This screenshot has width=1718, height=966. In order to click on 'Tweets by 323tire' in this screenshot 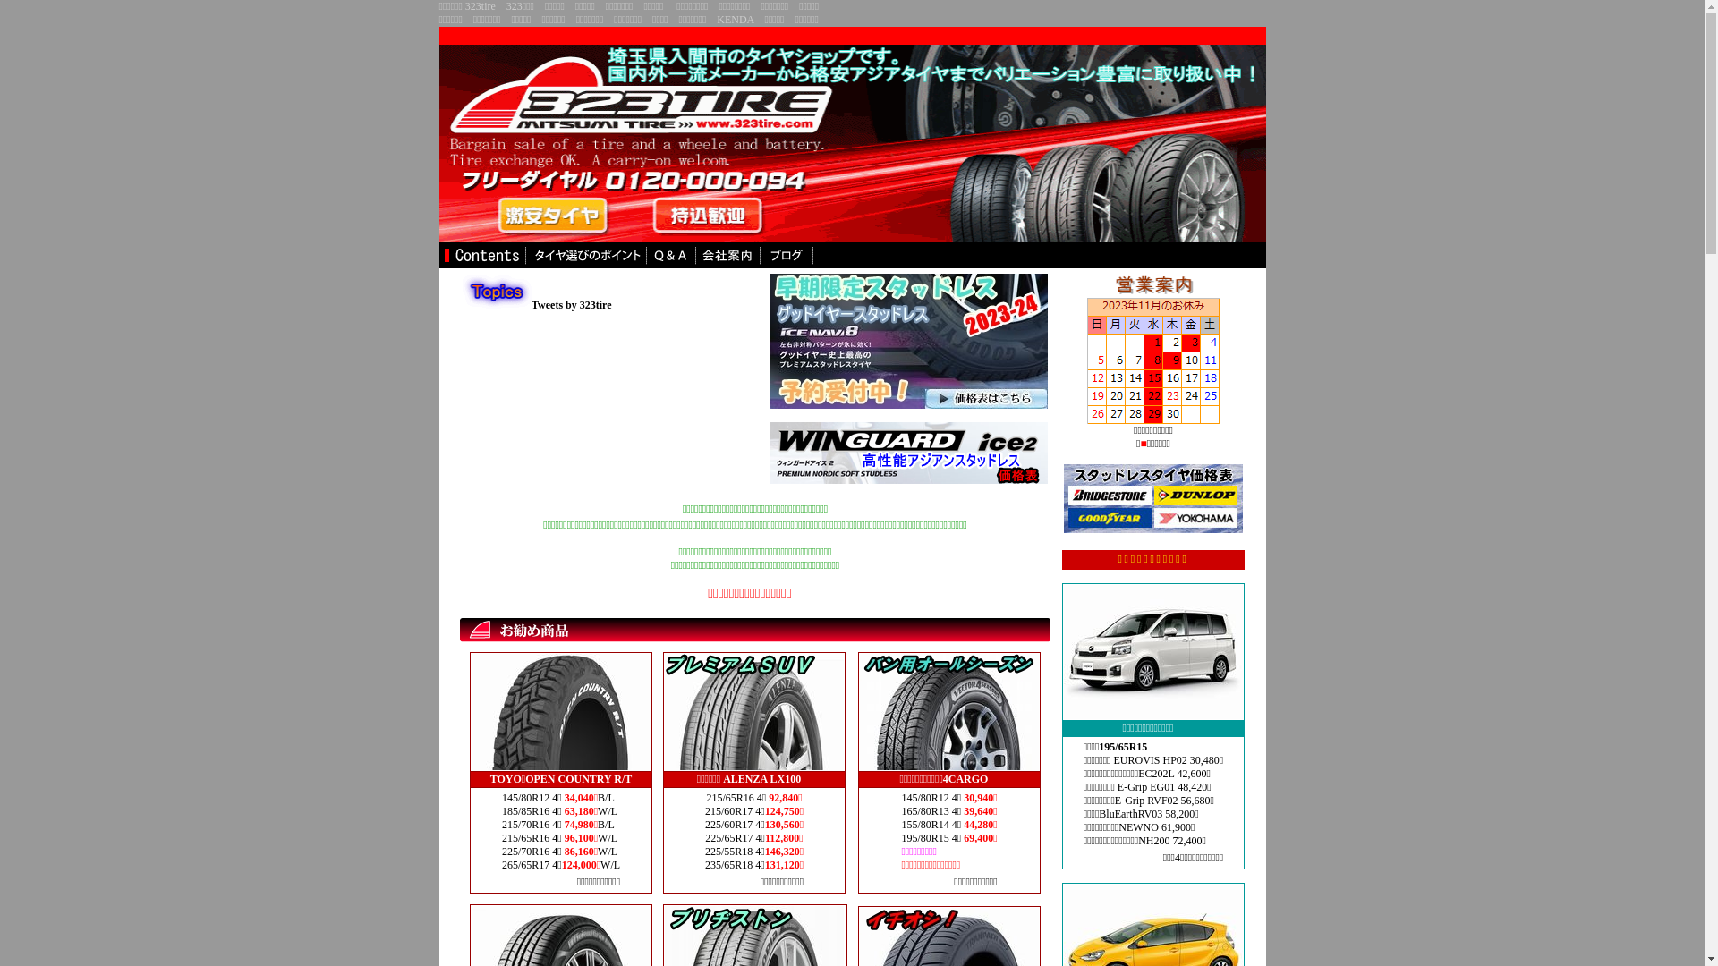, I will do `click(570, 303)`.